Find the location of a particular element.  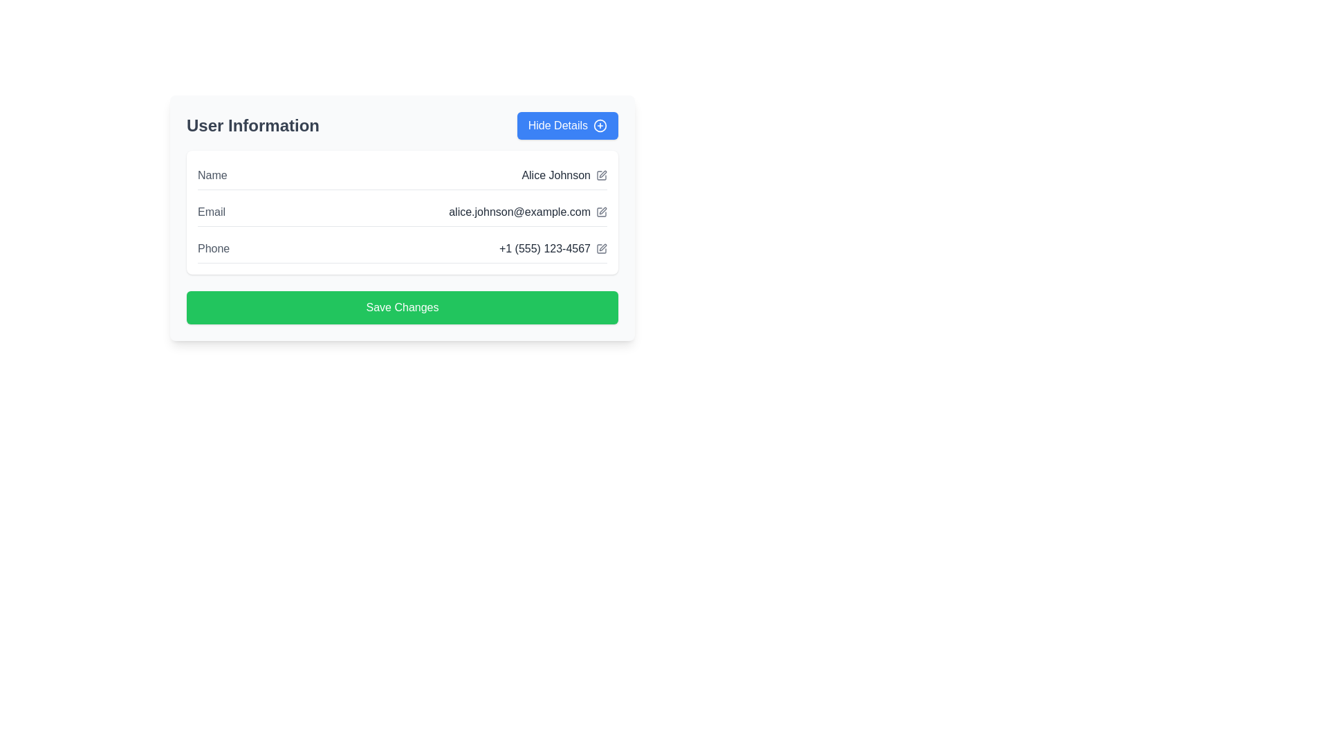

the pencil icon located to the right of the email address field in the user information section to initiate an edit action is located at coordinates (601, 212).